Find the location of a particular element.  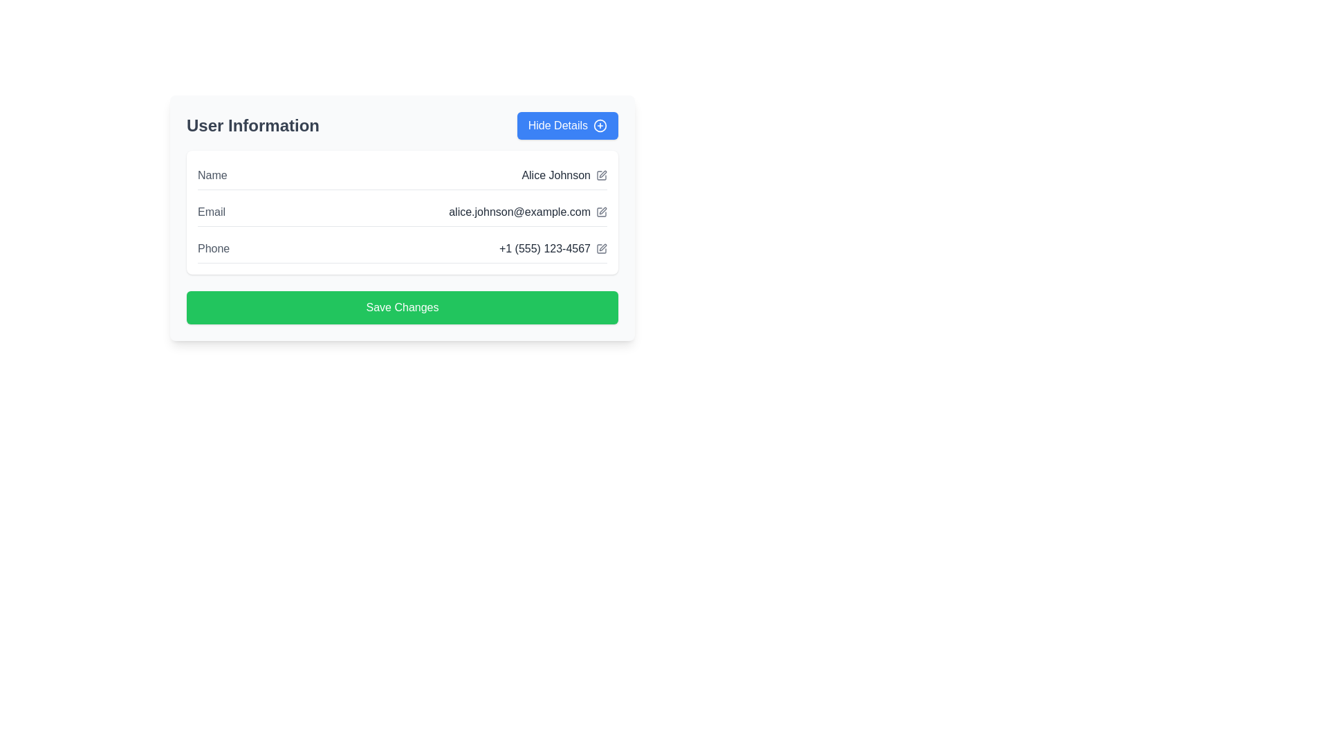

the pencil icon located to the right of the email address field in the user information section to initiate an edit action is located at coordinates (601, 212).